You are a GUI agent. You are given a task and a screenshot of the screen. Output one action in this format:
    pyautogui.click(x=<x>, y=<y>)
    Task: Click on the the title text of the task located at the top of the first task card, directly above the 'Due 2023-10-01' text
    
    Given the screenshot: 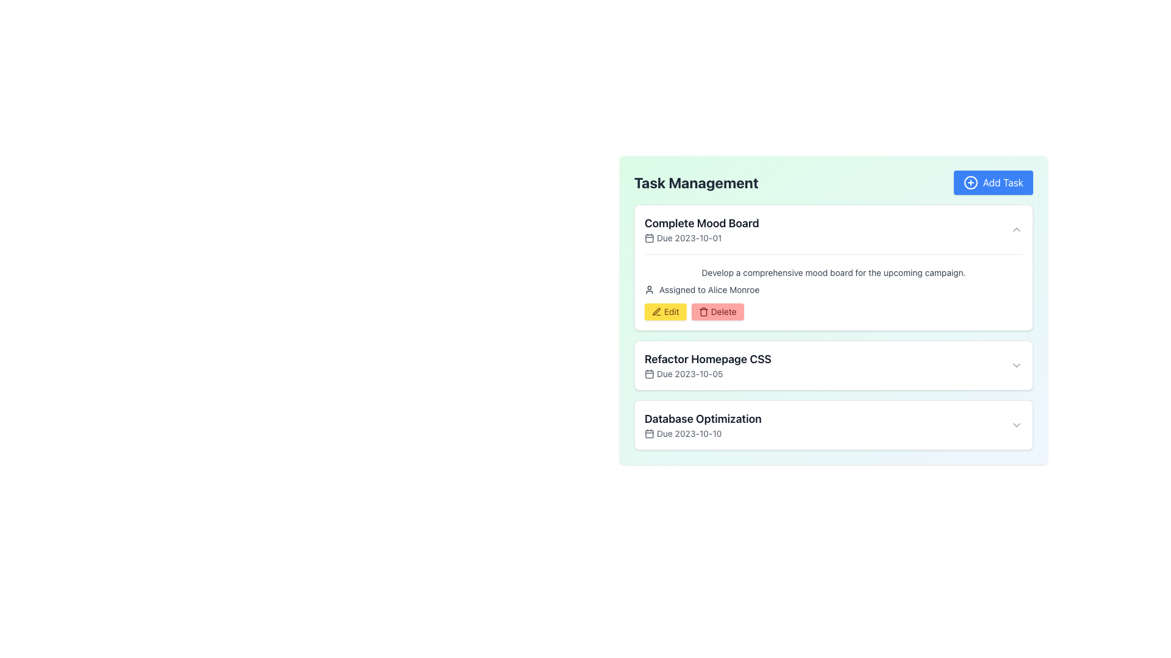 What is the action you would take?
    pyautogui.click(x=701, y=223)
    